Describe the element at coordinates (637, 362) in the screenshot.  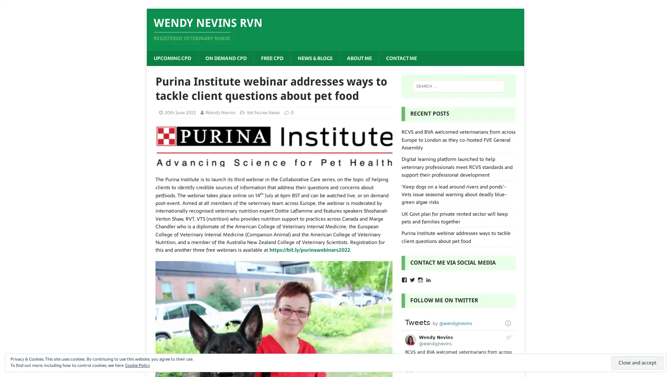
I see `Close and accept` at that location.